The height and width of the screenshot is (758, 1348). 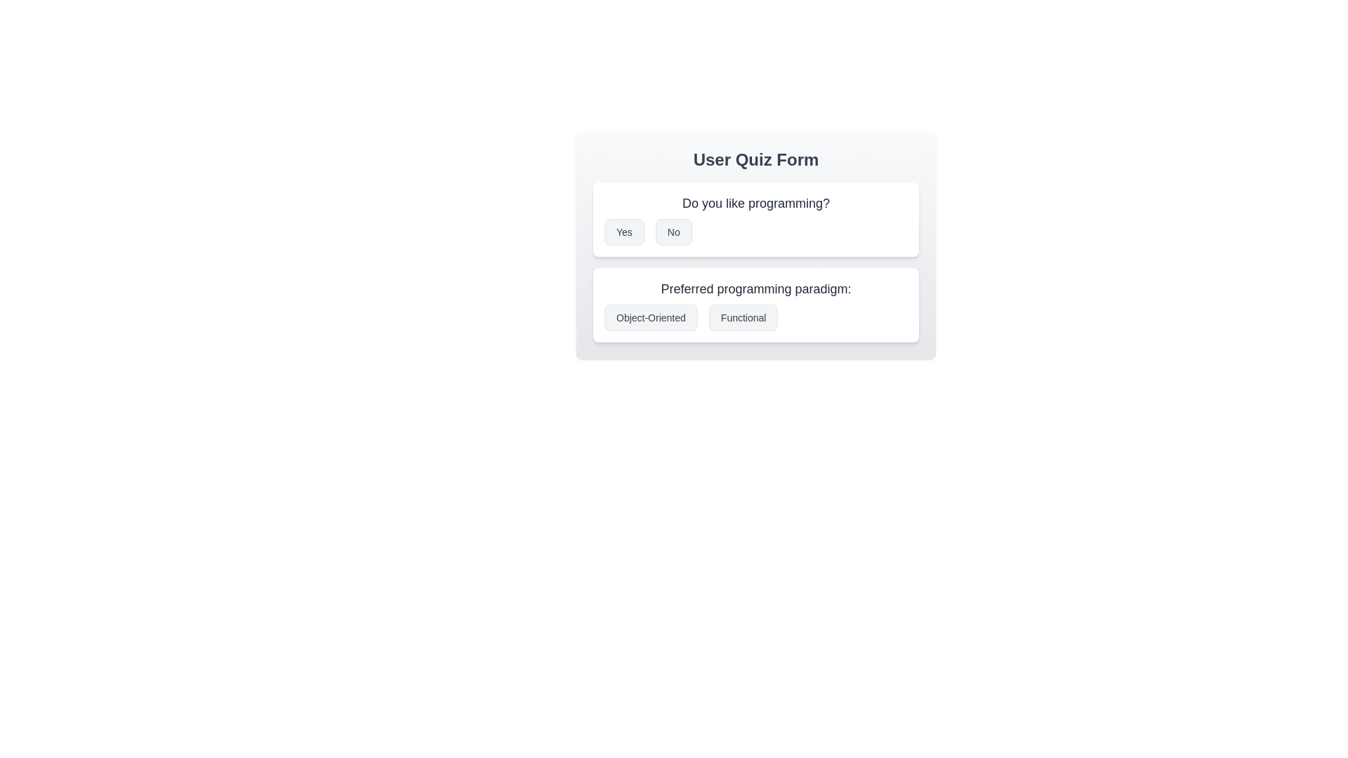 I want to click on the 'Functional' button, which is the second button in the group of two buttons labeled 'Preferred programming paradigm:', so click(x=743, y=317).